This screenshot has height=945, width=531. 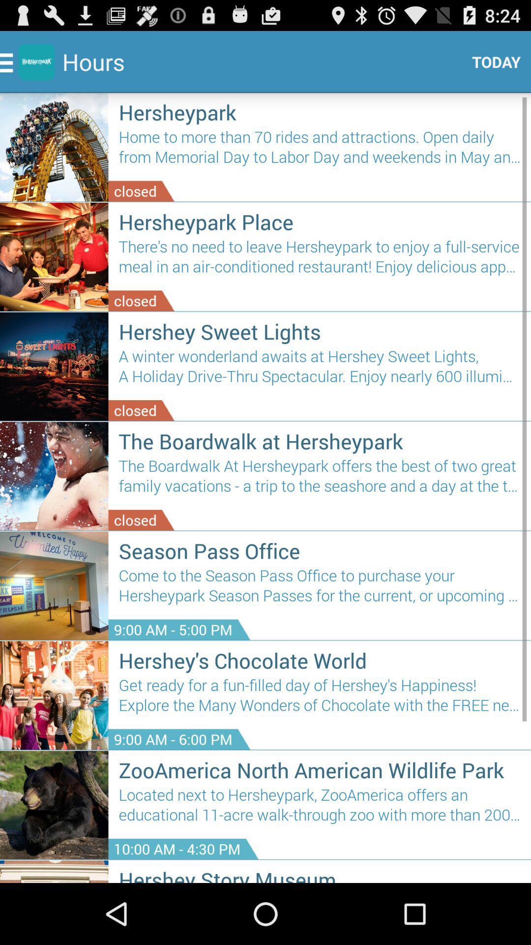 I want to click on the get ready for icon, so click(x=320, y=698).